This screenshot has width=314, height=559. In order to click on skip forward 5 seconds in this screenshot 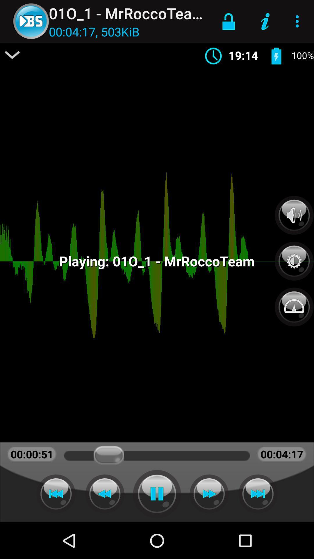, I will do `click(258, 493)`.